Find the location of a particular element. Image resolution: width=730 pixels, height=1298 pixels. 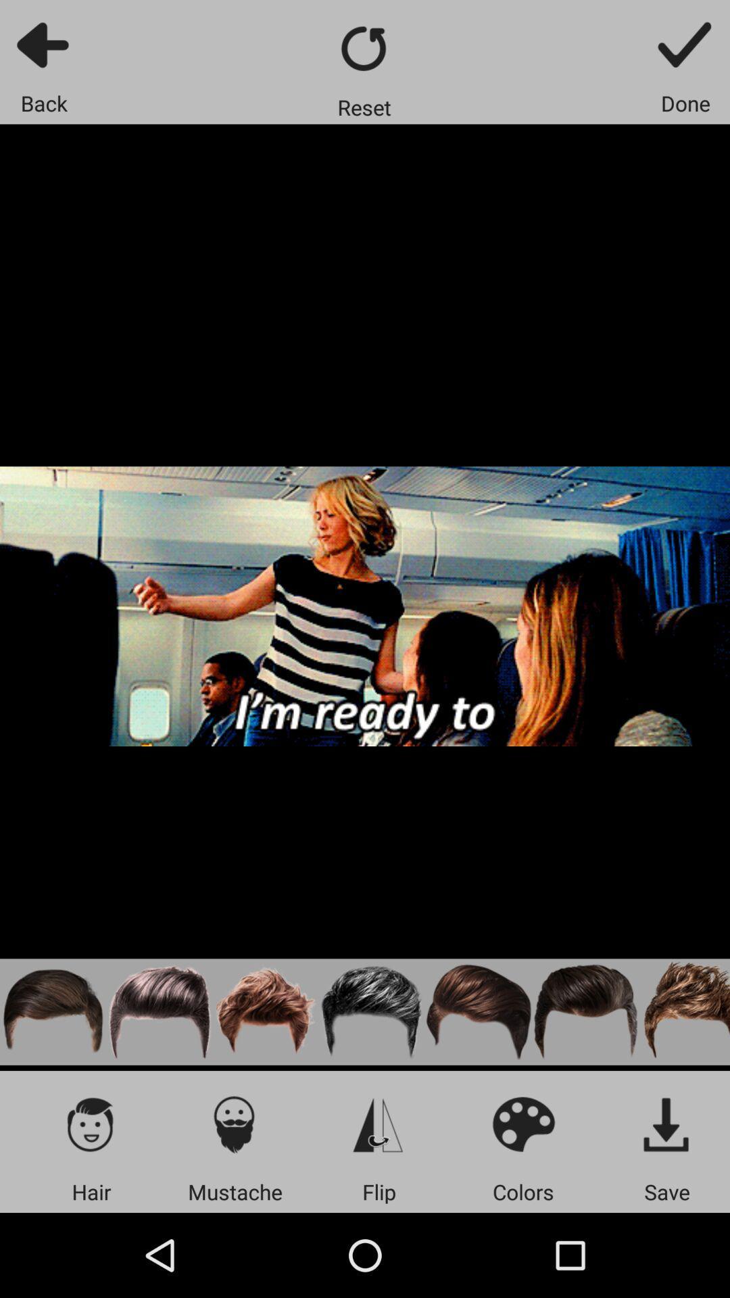

any one is located at coordinates (684, 1012).